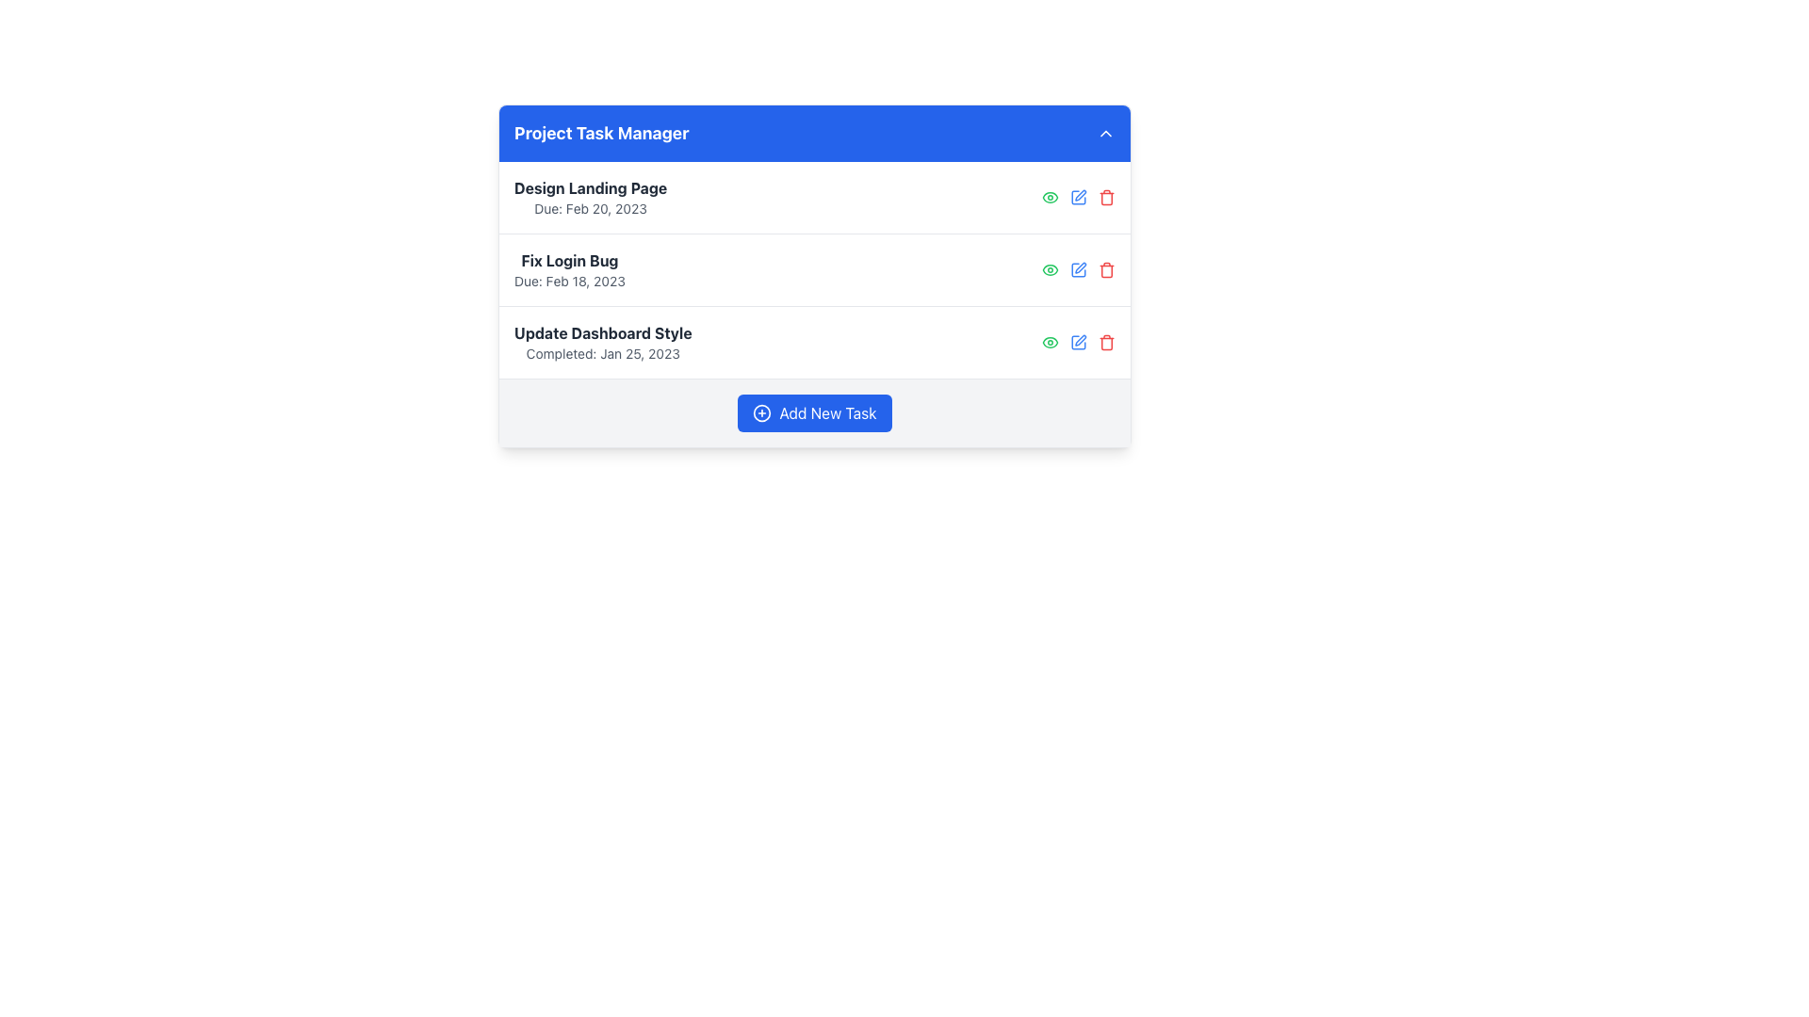  I want to click on keyboard navigation, so click(1107, 197).